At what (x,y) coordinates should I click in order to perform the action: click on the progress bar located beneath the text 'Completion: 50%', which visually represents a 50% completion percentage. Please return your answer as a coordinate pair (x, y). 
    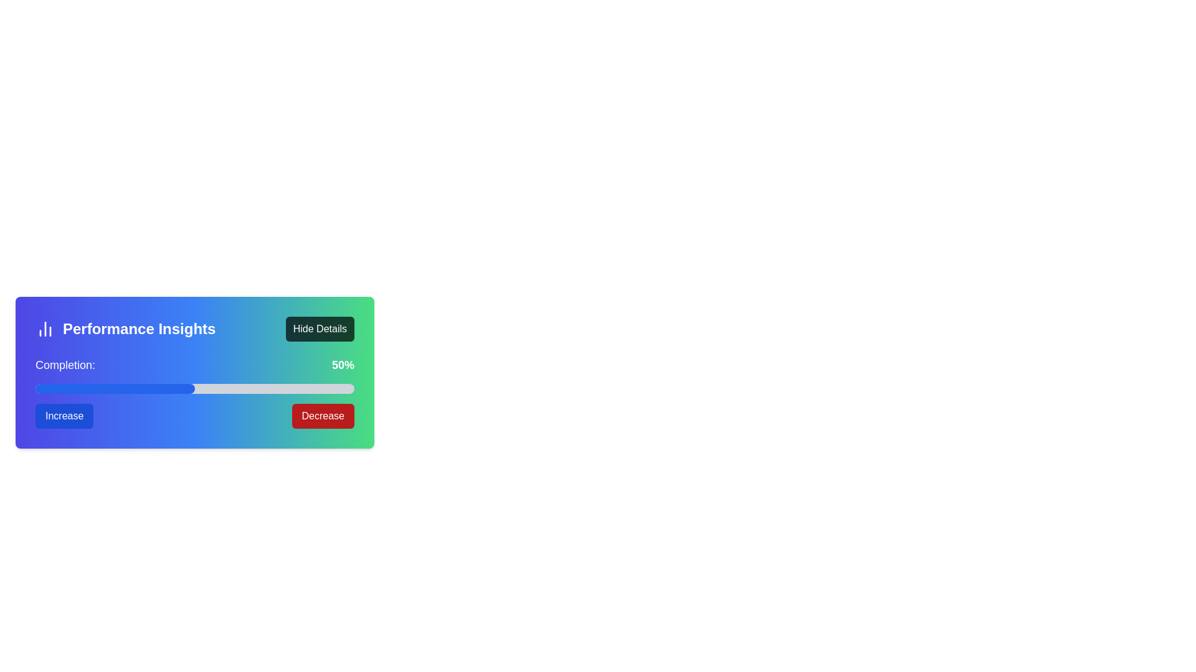
    Looking at the image, I should click on (194, 388).